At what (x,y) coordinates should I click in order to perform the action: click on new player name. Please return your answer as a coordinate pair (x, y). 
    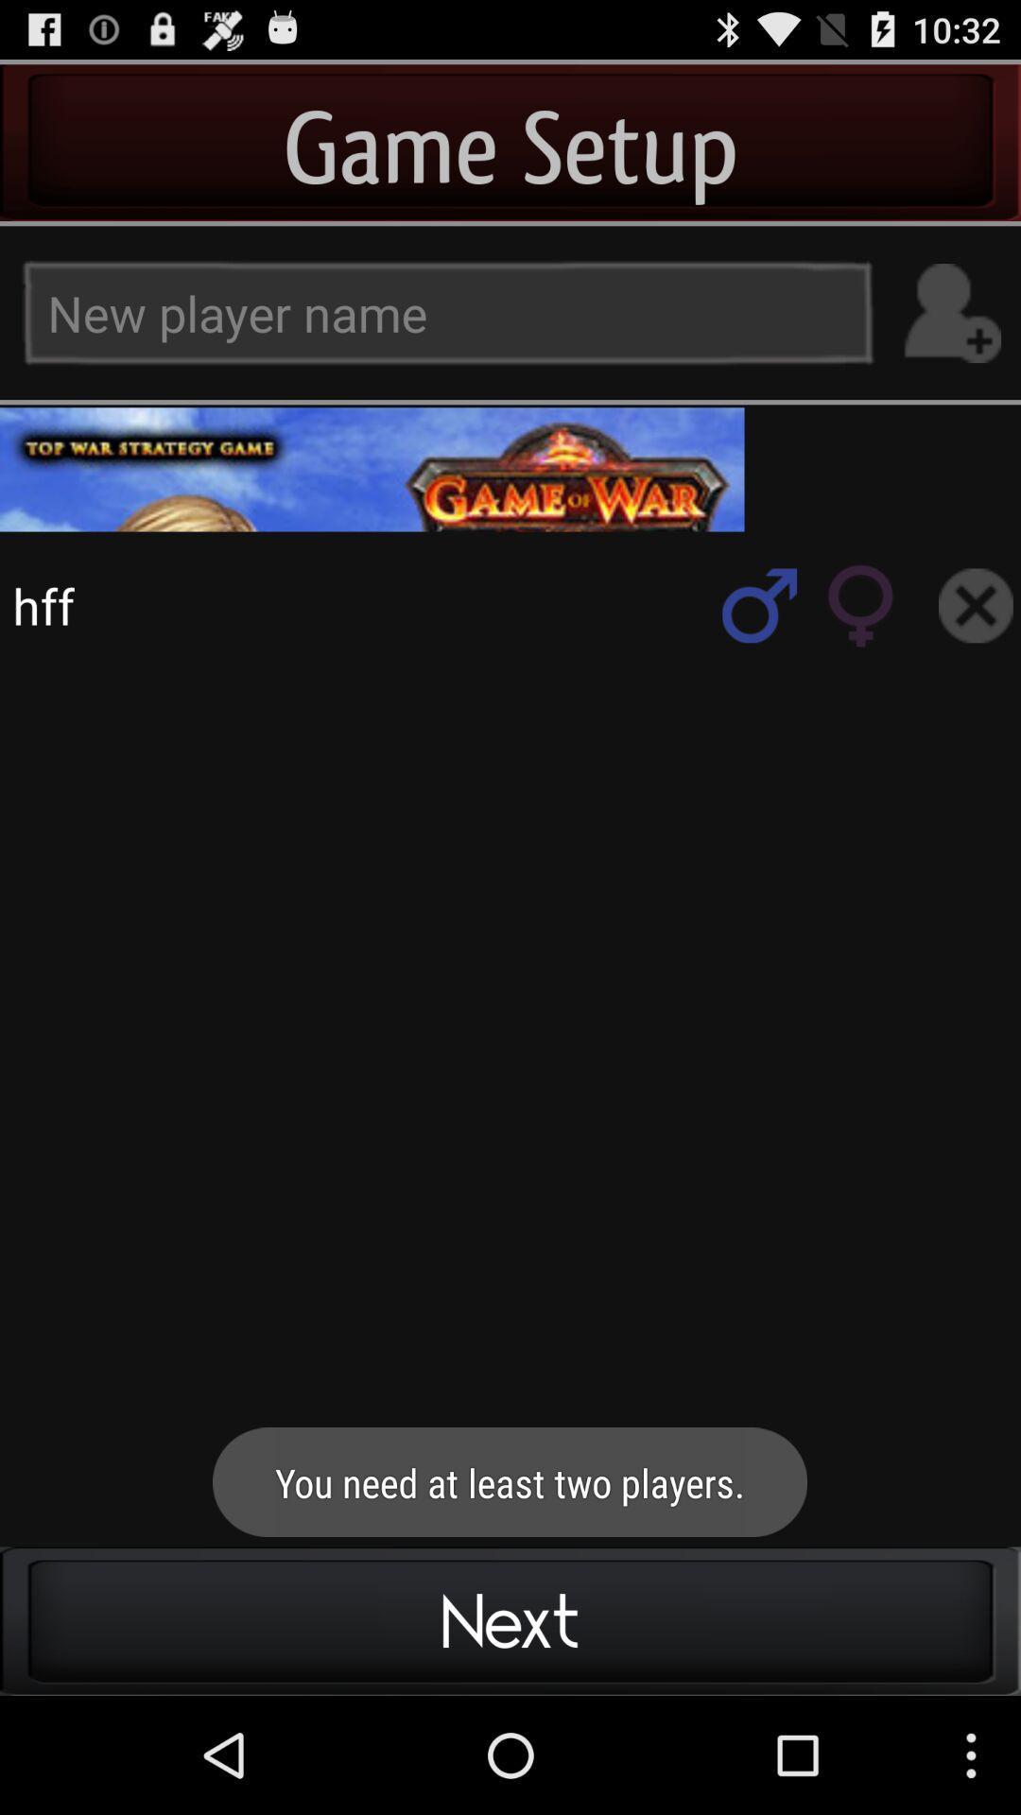
    Looking at the image, I should click on (951, 313).